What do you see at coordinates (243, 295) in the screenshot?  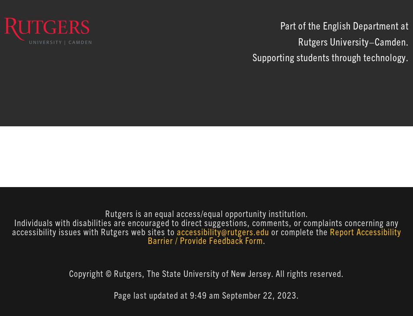 I see `'9:49 am September 22, 2023'` at bounding box center [243, 295].